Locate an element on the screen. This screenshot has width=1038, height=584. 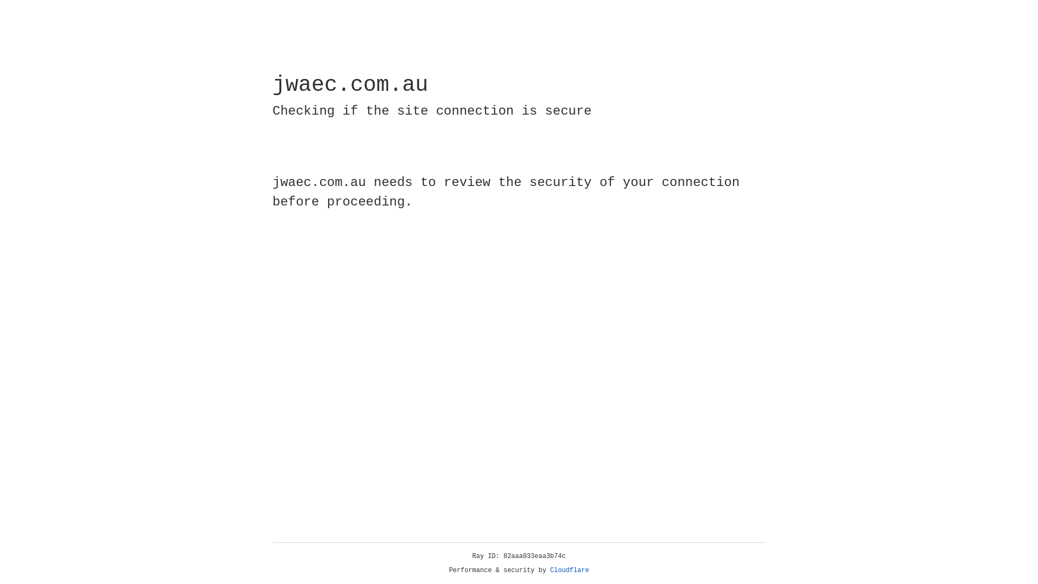
'Cloudflare' is located at coordinates (569, 570).